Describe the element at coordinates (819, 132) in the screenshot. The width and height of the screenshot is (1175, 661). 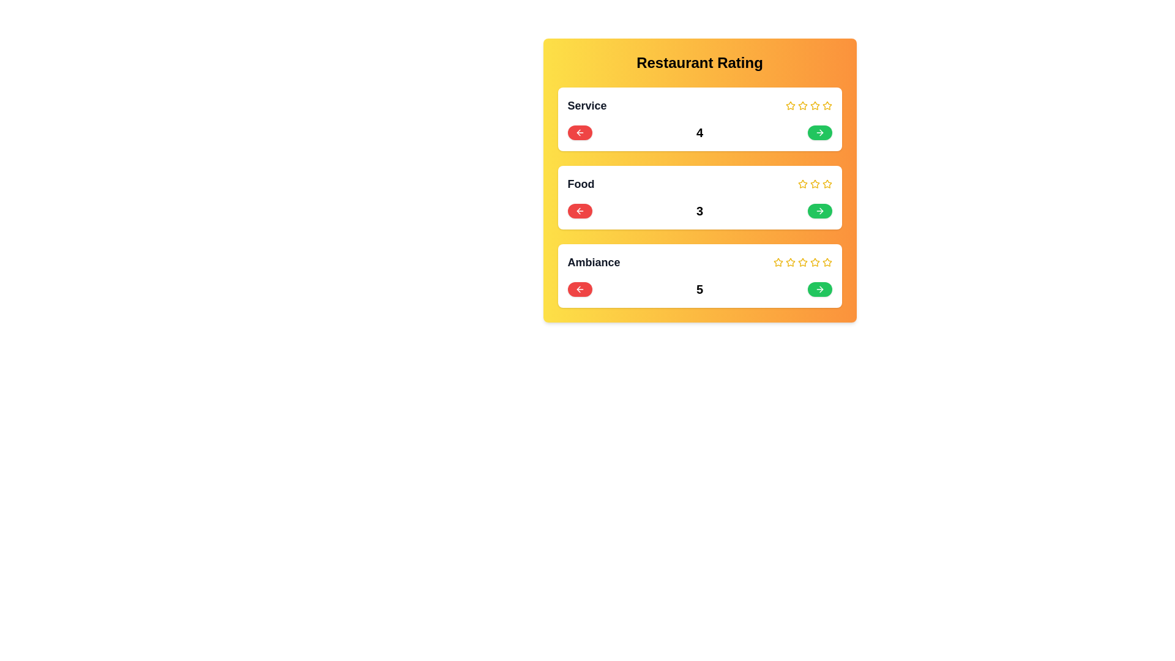
I see `the green button with white text and an arrow icon located in the first row of the 'Restaurant Rating' component under the 'Service' category to proceed` at that location.